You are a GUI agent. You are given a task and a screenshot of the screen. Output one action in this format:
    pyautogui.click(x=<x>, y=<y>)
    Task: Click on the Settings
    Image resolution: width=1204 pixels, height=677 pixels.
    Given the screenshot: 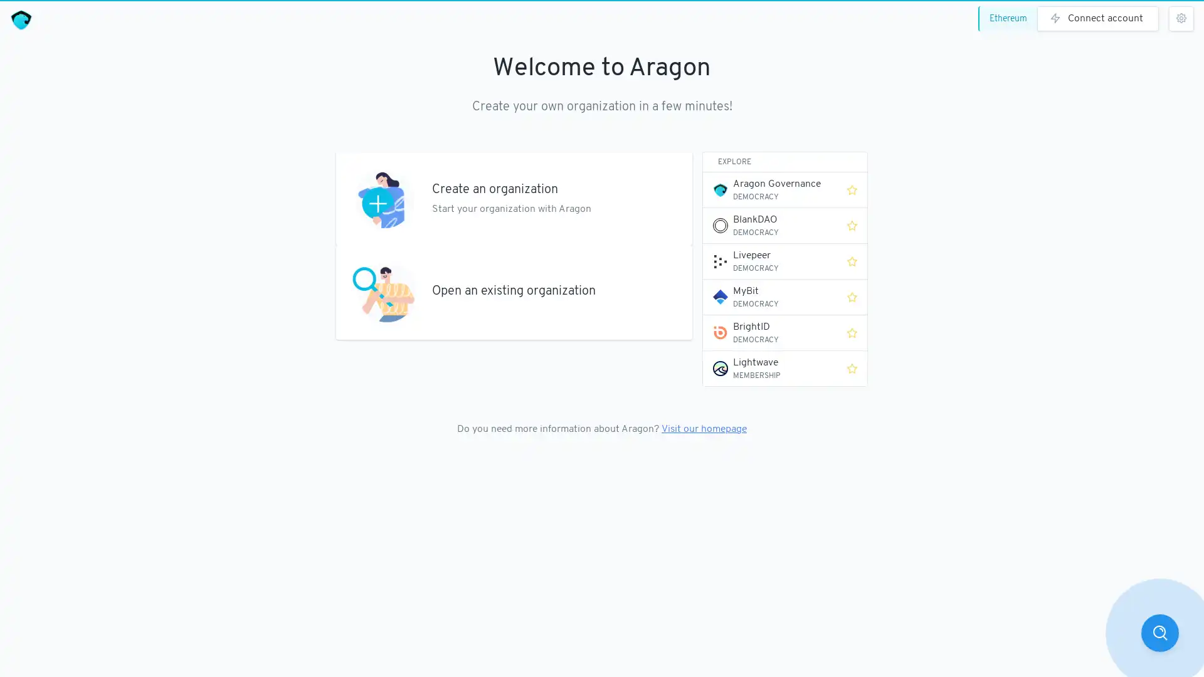 What is the action you would take?
    pyautogui.click(x=1180, y=19)
    